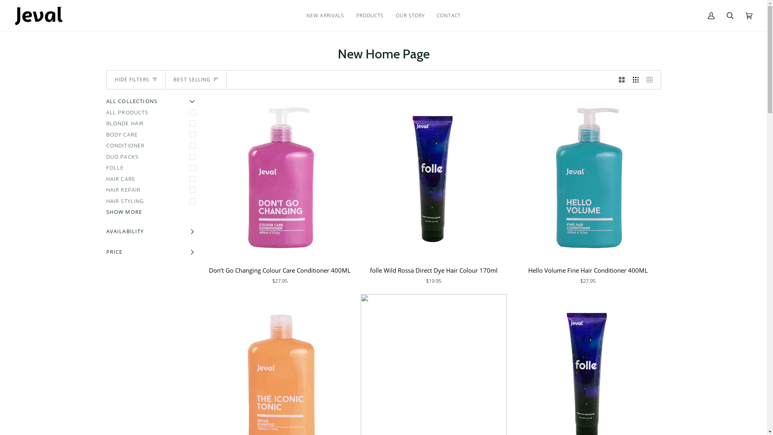  Describe the element at coordinates (325, 15) in the screenshot. I see `'NEW ARRIVALS'` at that location.